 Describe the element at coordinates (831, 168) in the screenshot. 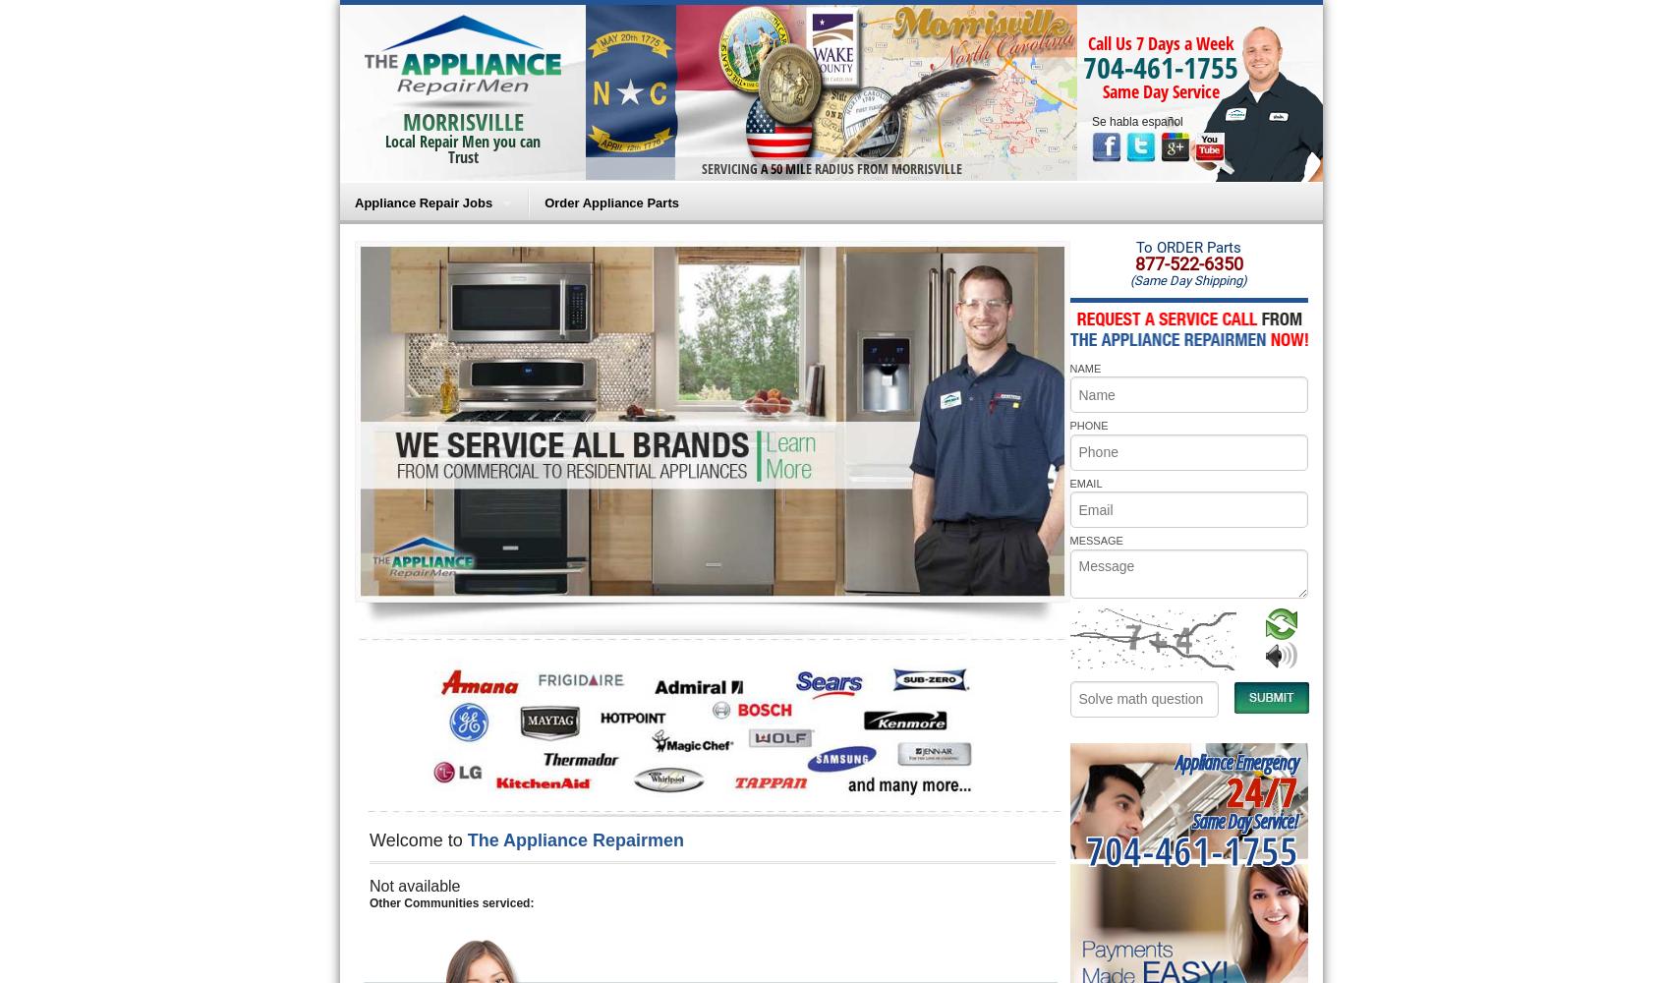

I see `'SERVICING A 50 MILE RADIUS FROM MORRISVILLE'` at that location.